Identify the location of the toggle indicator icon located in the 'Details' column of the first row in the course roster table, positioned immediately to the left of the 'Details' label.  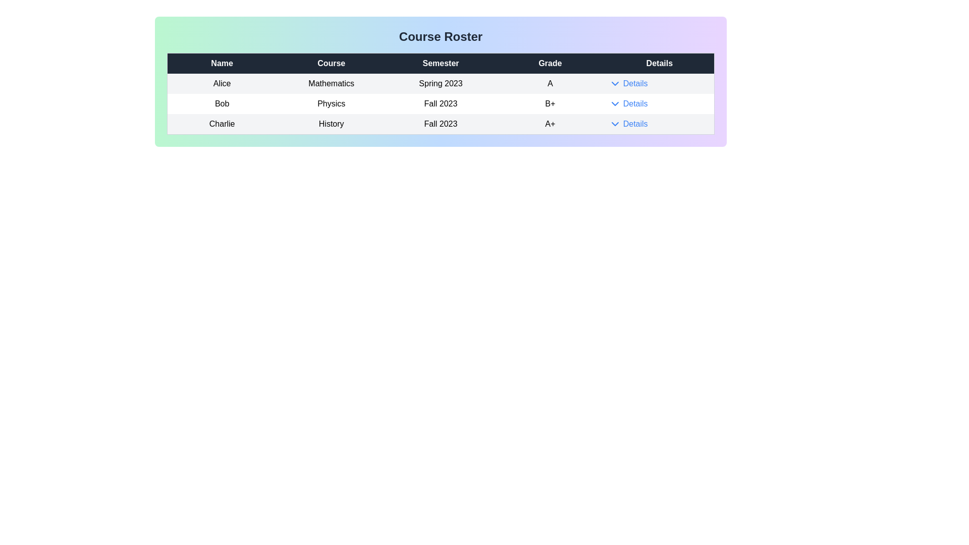
(614, 83).